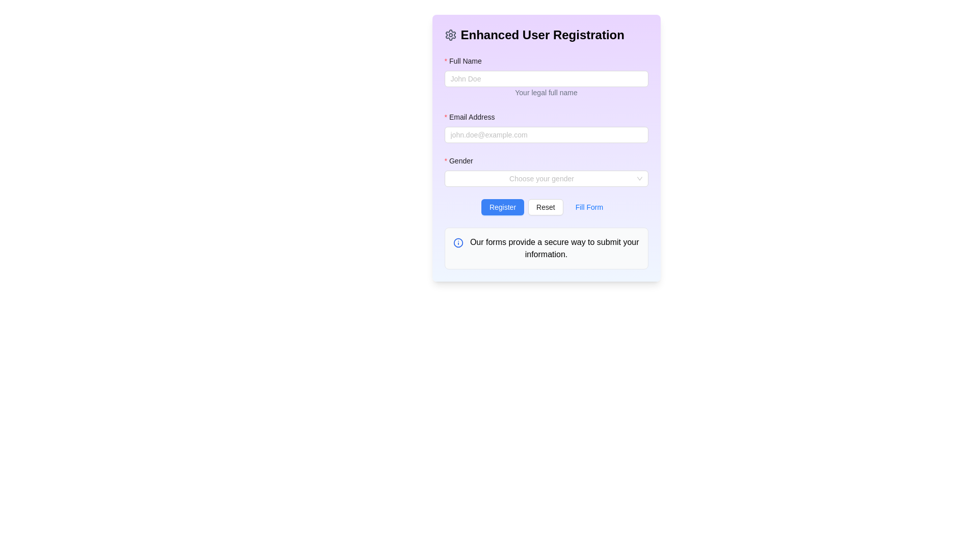 This screenshot has width=978, height=550. What do you see at coordinates (458, 242) in the screenshot?
I see `the circular icon with a blue outline and white center, located in the bottom section of the card aligned to the left of the text 'Our forms provide a secure way to submit your information.'` at bounding box center [458, 242].